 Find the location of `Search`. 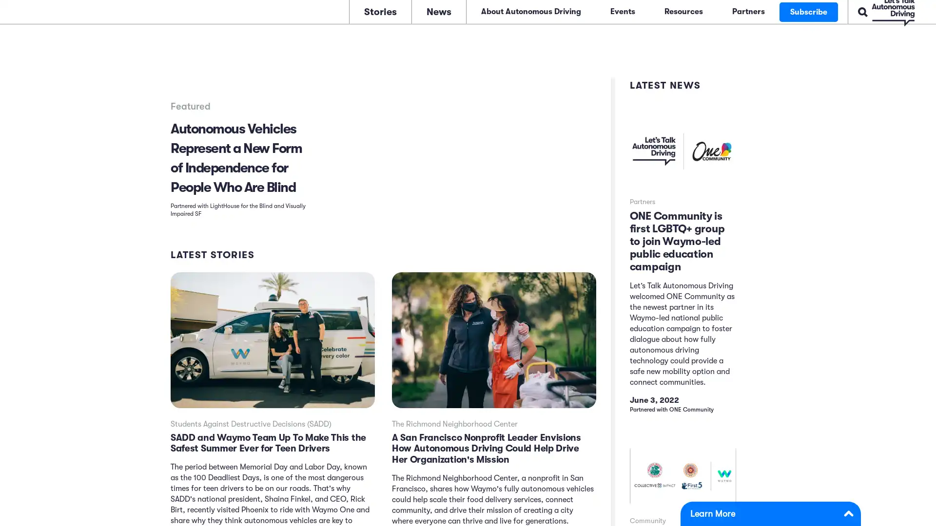

Search is located at coordinates (831, 11).